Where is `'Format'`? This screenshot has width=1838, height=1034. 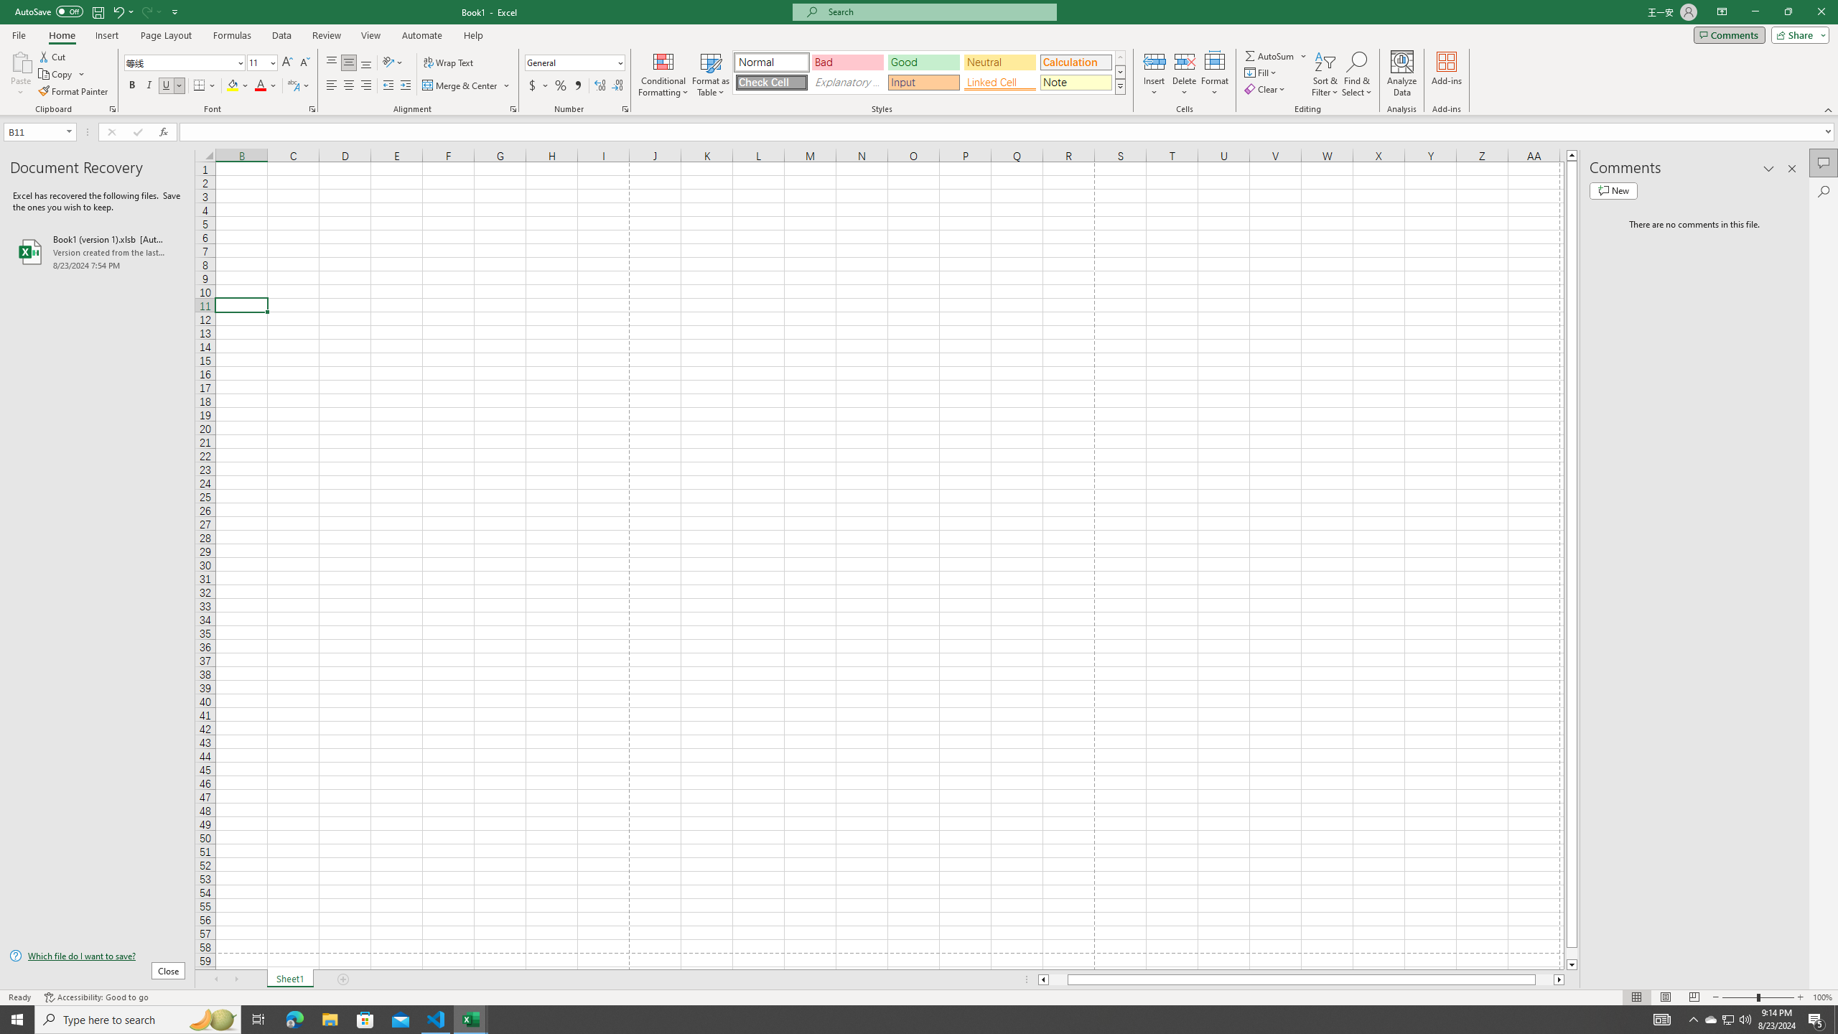 'Format' is located at coordinates (1215, 74).